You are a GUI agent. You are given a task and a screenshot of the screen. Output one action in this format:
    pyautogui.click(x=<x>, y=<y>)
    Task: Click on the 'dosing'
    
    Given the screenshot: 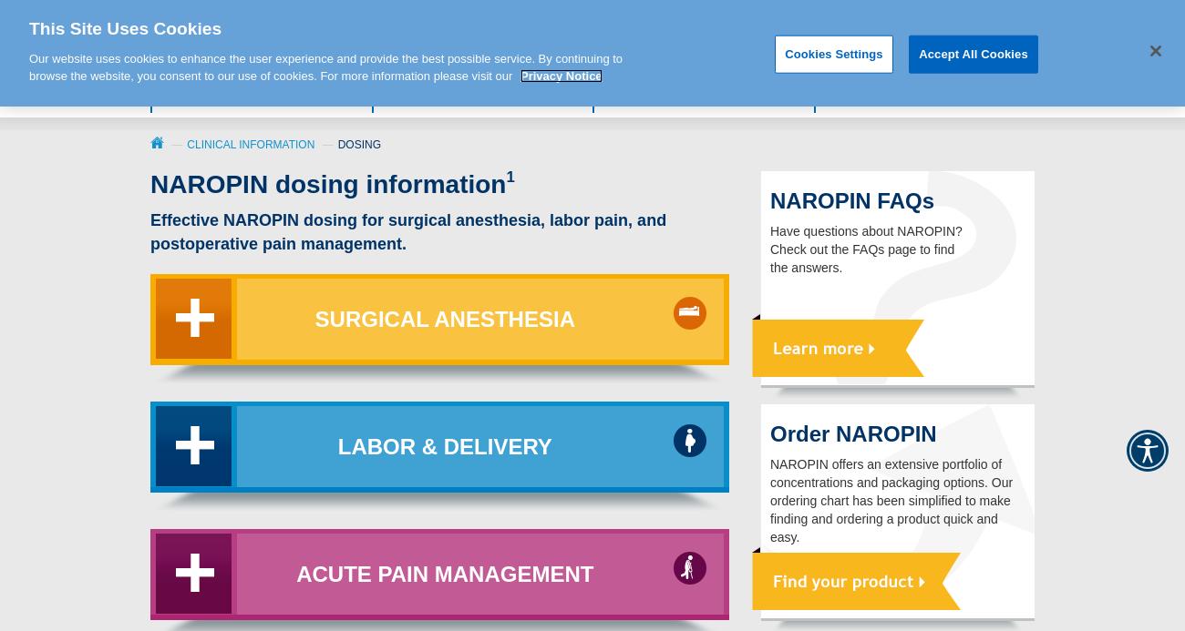 What is the action you would take?
    pyautogui.click(x=359, y=143)
    